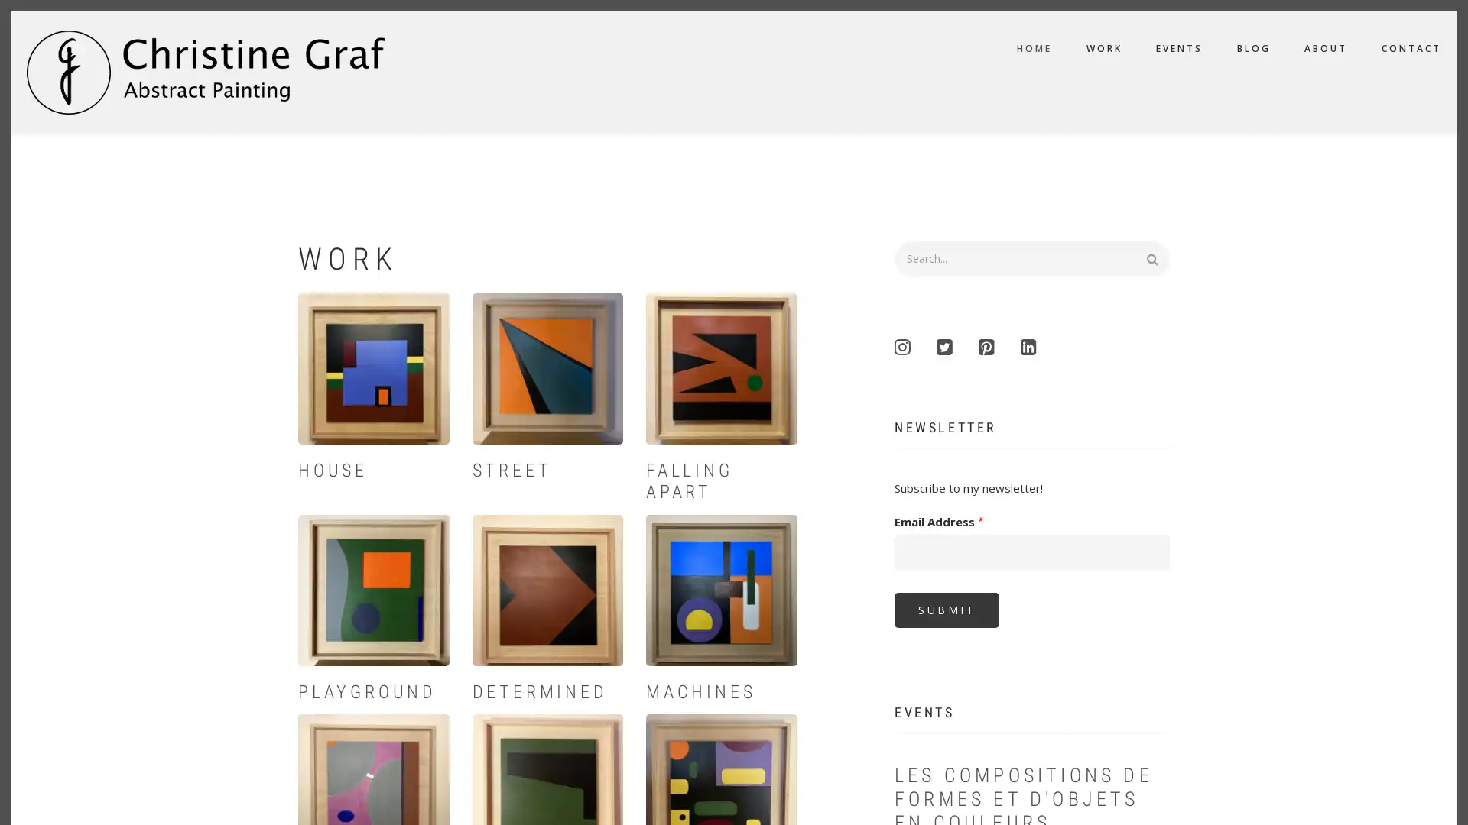 This screenshot has width=1468, height=825. What do you see at coordinates (1158, 255) in the screenshot?
I see `Search` at bounding box center [1158, 255].